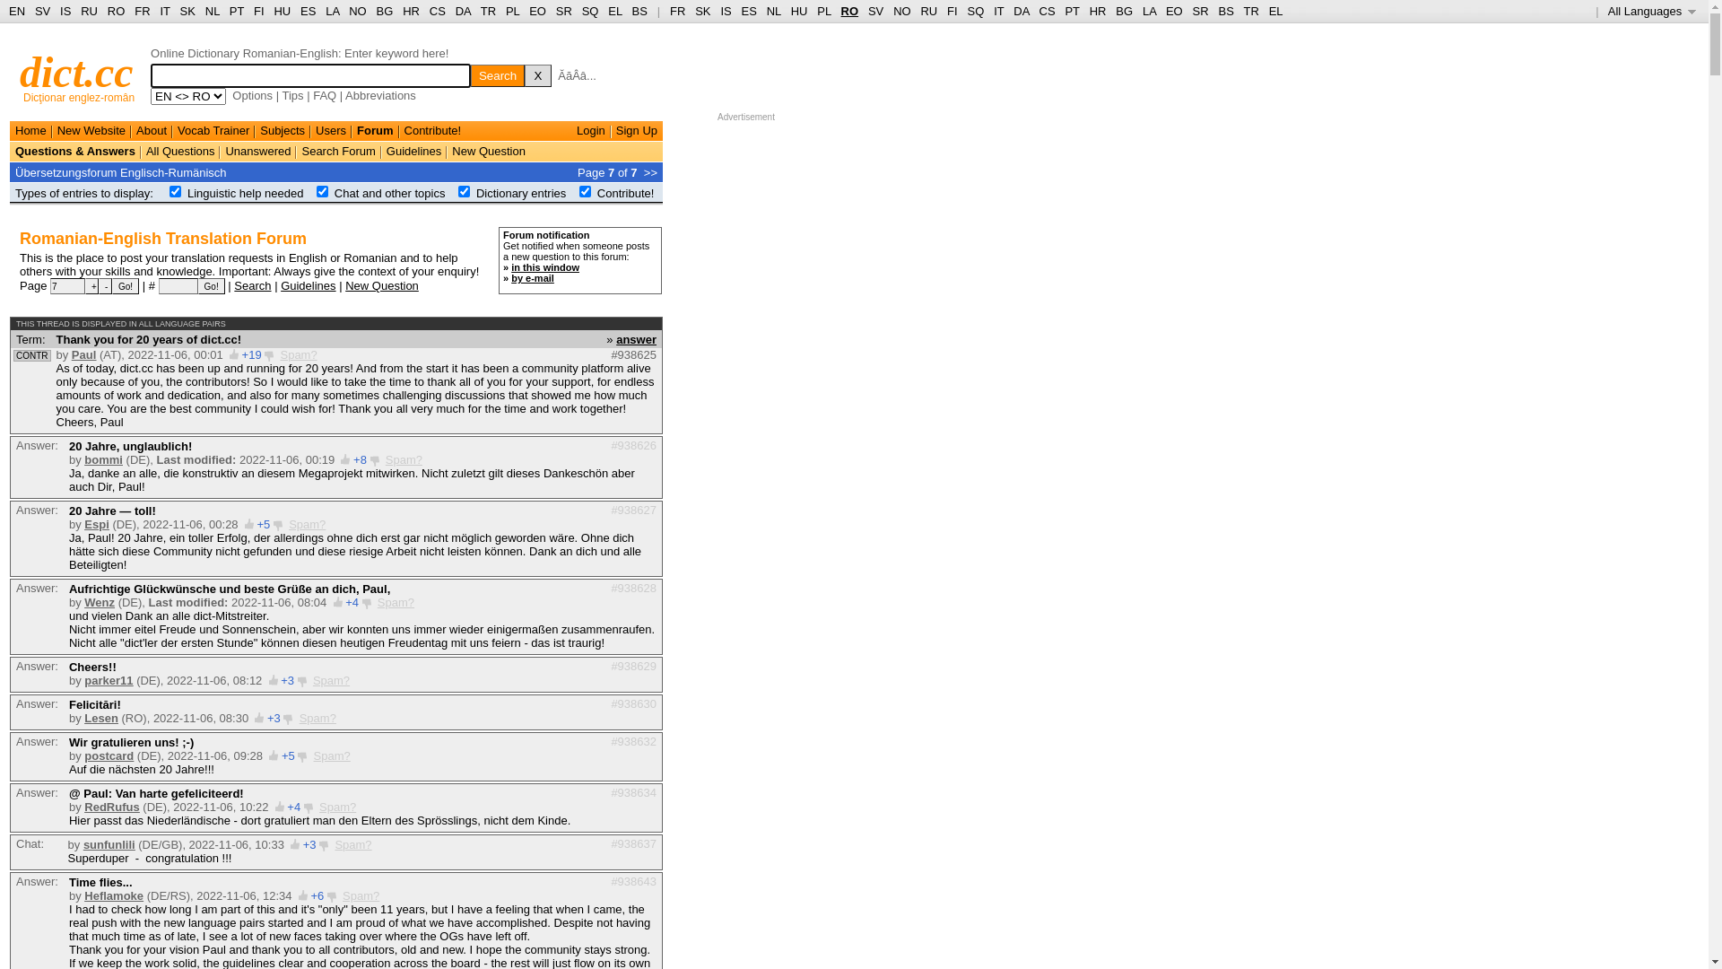 The width and height of the screenshot is (1722, 969). I want to click on 'ES', so click(308, 11).